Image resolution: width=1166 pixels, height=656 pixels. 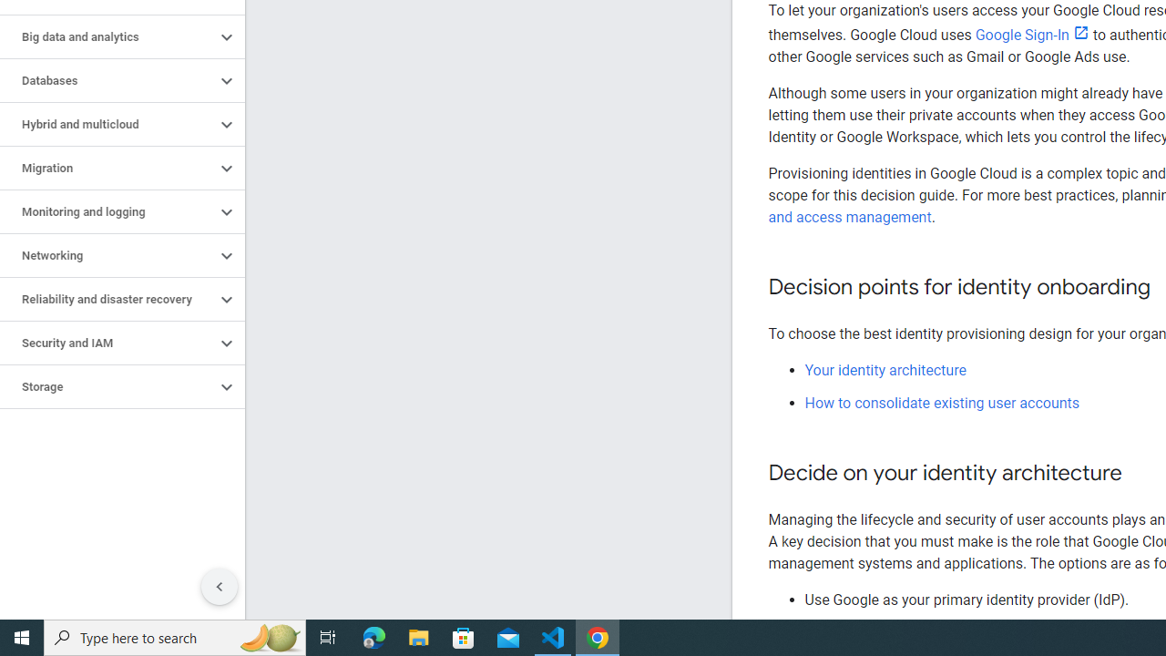 I want to click on 'Reliability and disaster recovery', so click(x=107, y=299).